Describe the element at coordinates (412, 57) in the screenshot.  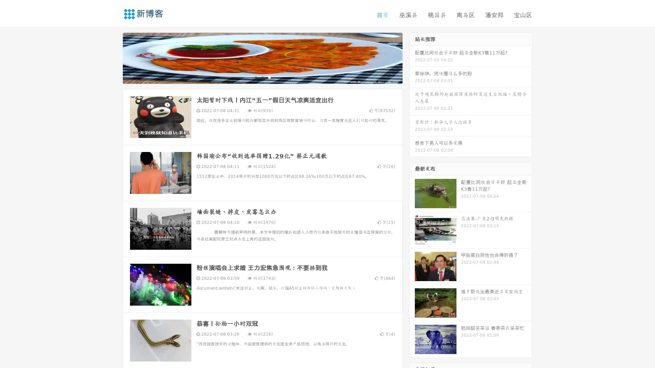
I see `Next slide` at that location.